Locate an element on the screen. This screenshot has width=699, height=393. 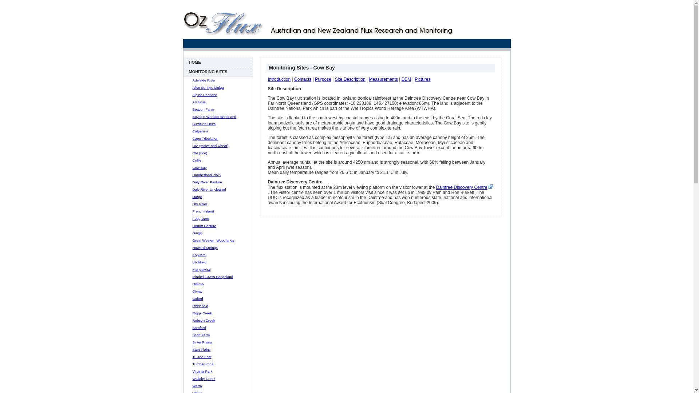
'Litchfield' is located at coordinates (199, 262).